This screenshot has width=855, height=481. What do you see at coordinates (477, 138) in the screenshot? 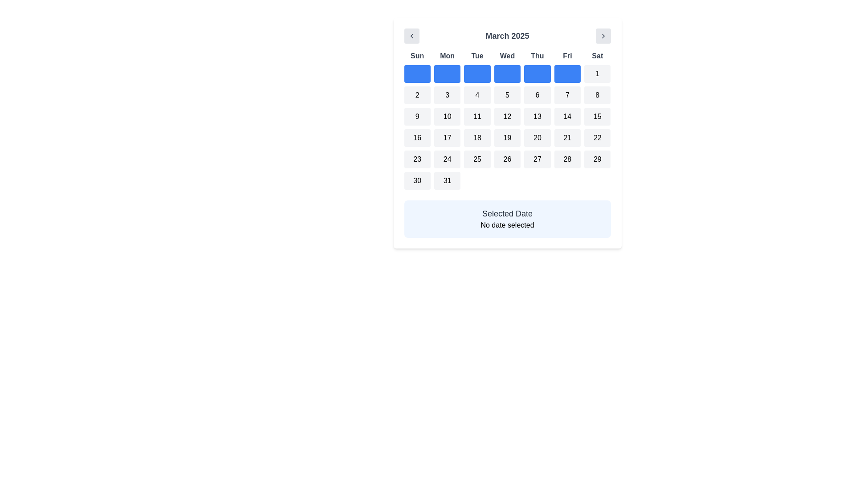
I see `the button displaying '18' in bold black font, which is the fifth item in the fifth row of the calendar grid under the 'Tue' column` at bounding box center [477, 138].